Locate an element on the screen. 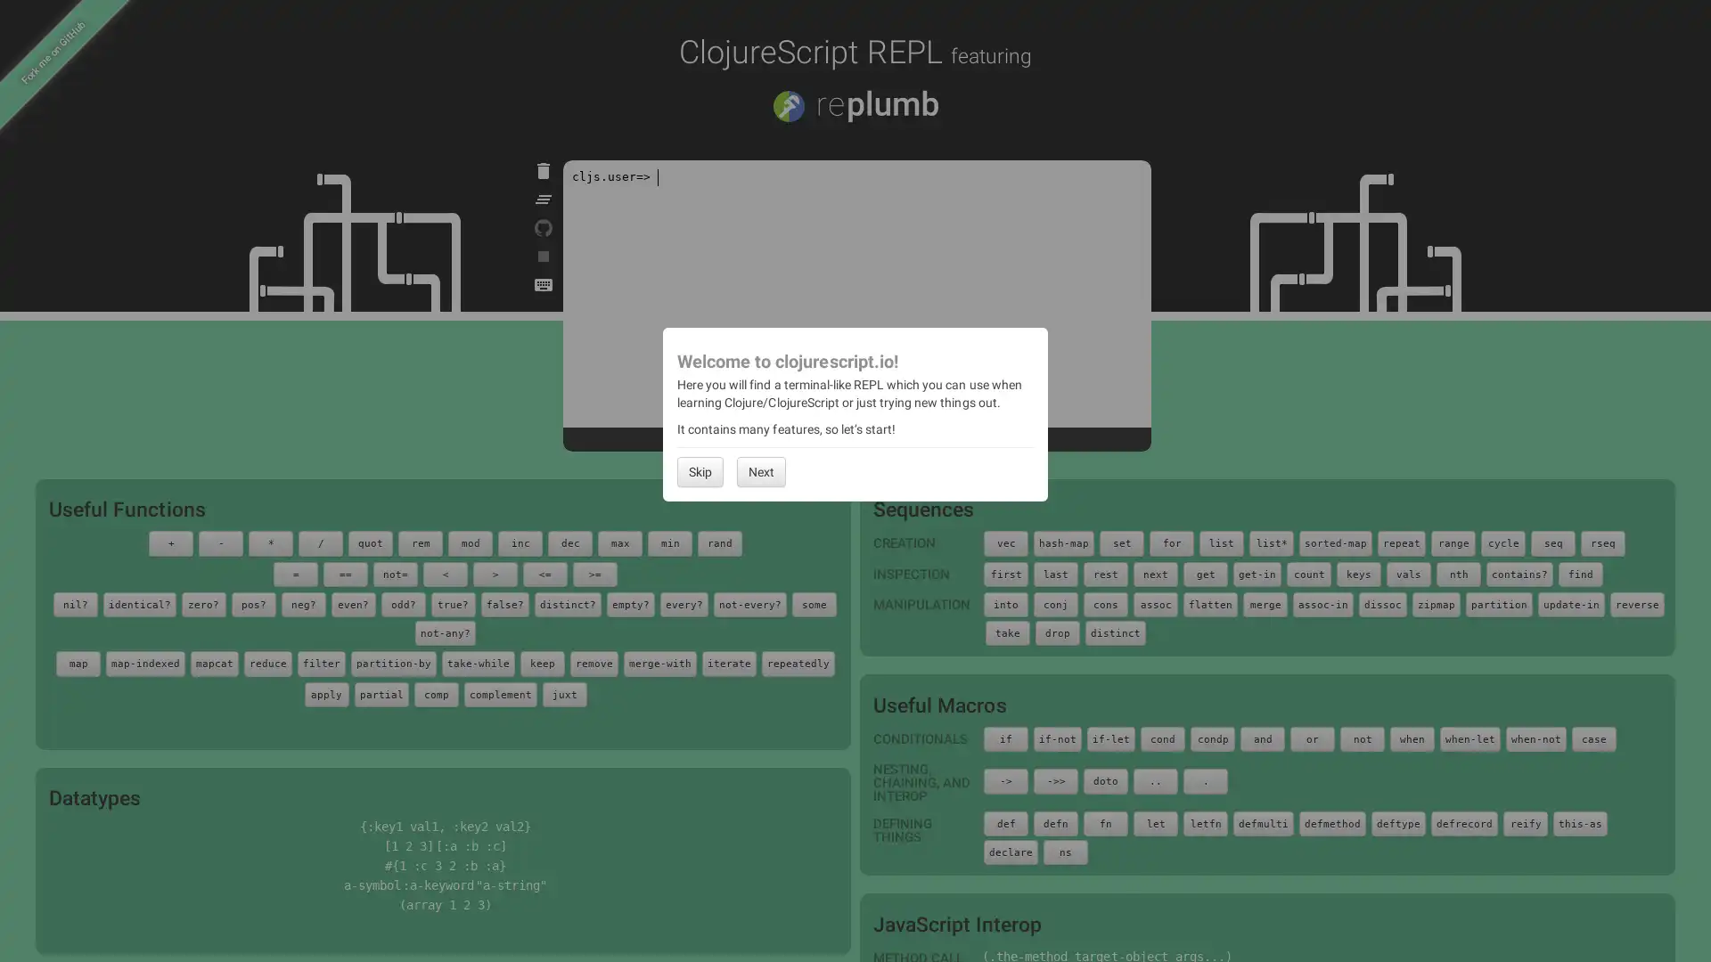  cond is located at coordinates (1163, 738).